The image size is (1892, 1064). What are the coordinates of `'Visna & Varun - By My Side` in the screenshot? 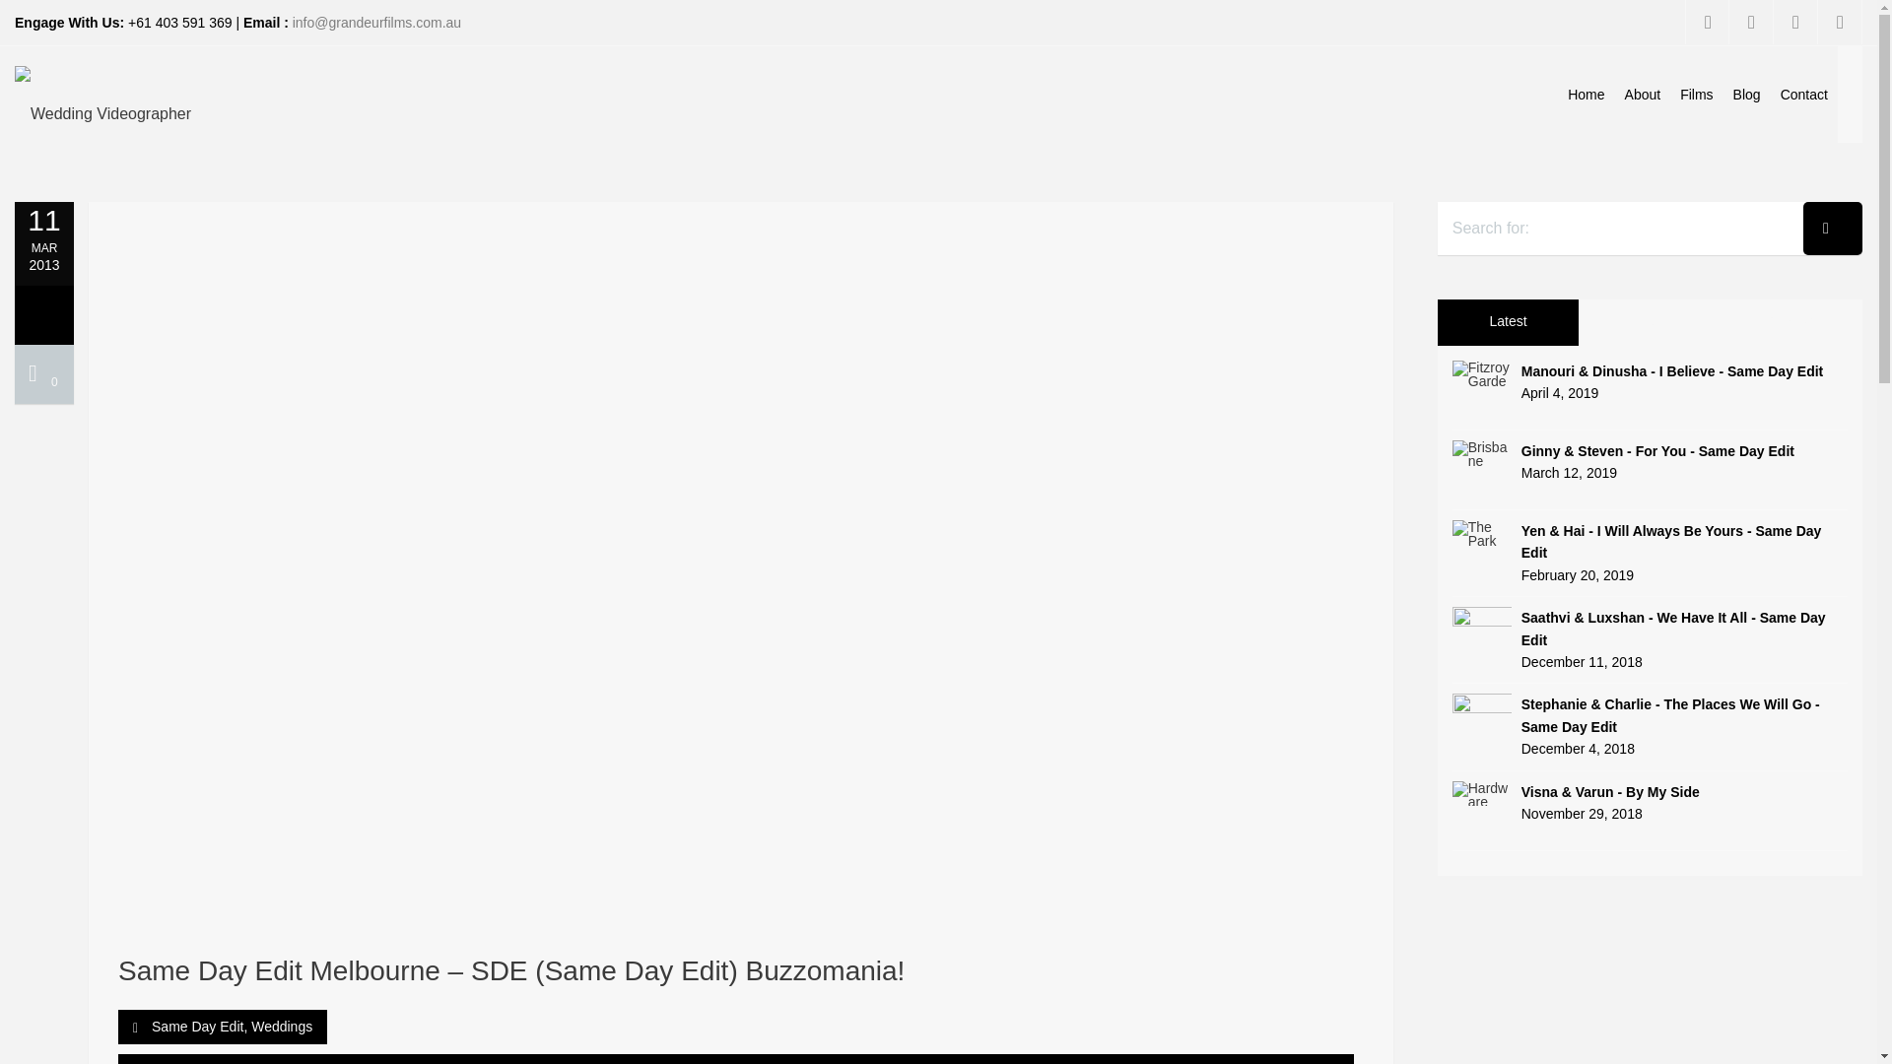 It's located at (1650, 803).